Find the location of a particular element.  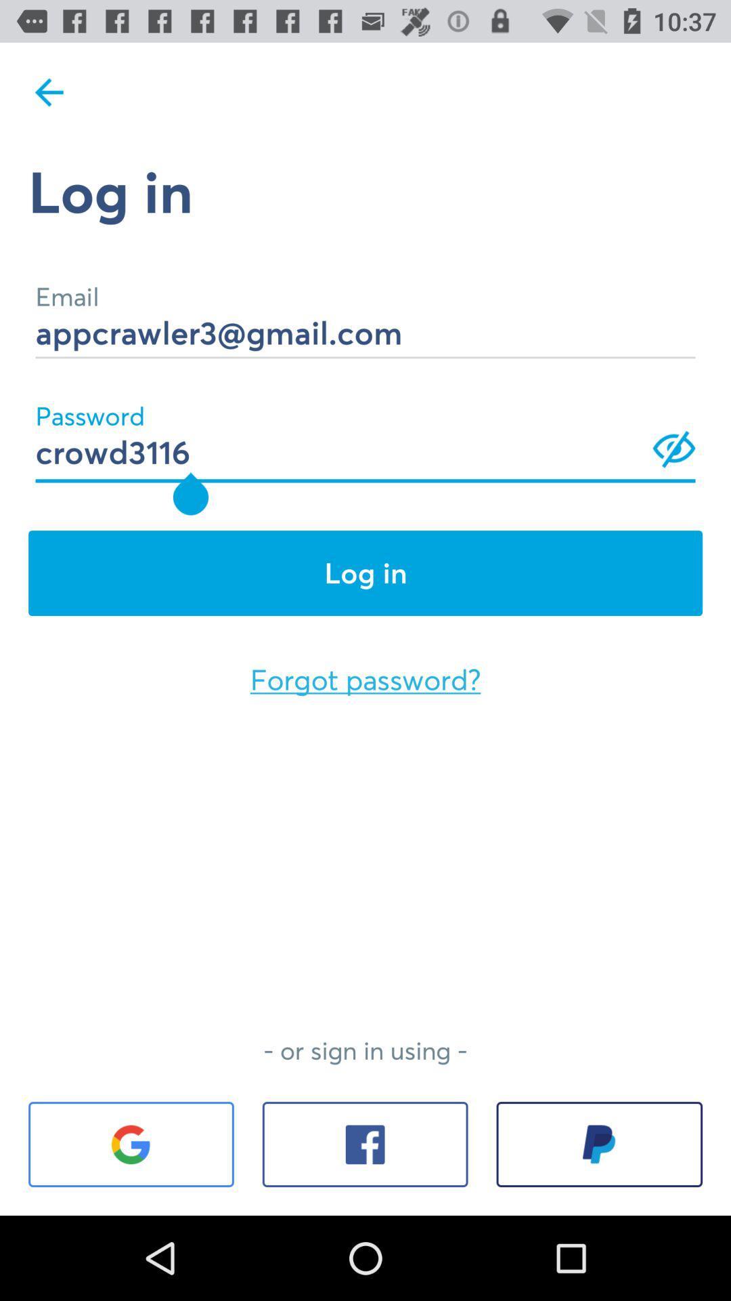

the forgot password? icon is located at coordinates (365, 680).